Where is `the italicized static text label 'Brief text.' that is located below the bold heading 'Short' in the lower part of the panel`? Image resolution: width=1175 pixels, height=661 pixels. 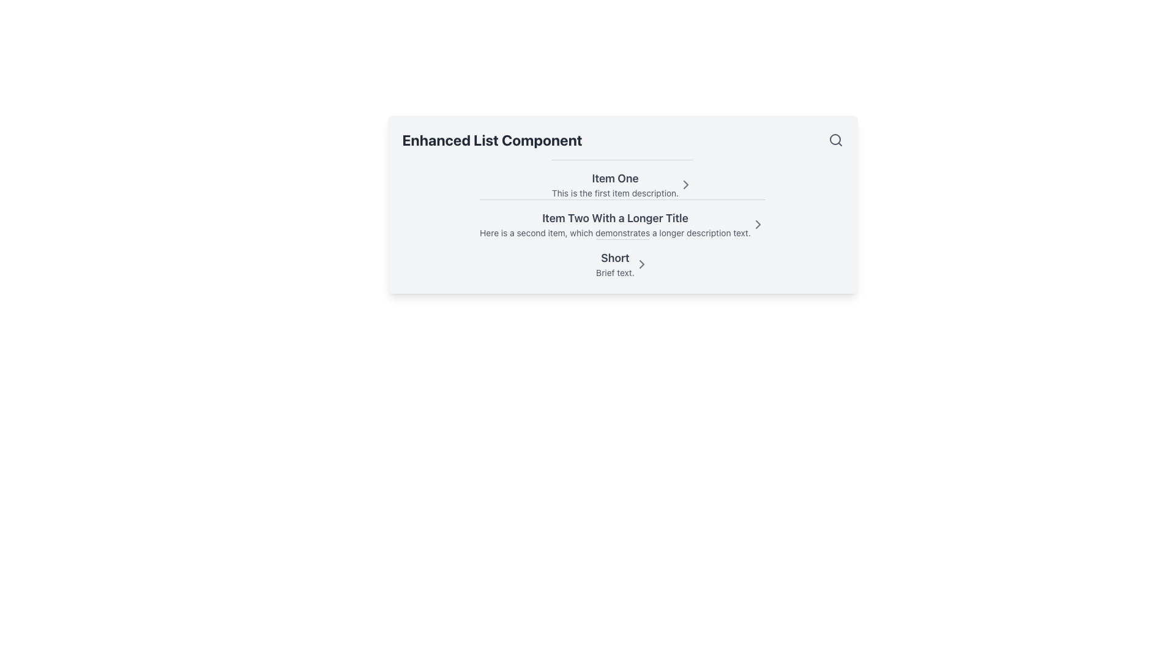
the italicized static text label 'Brief text.' that is located below the bold heading 'Short' in the lower part of the panel is located at coordinates (615, 272).